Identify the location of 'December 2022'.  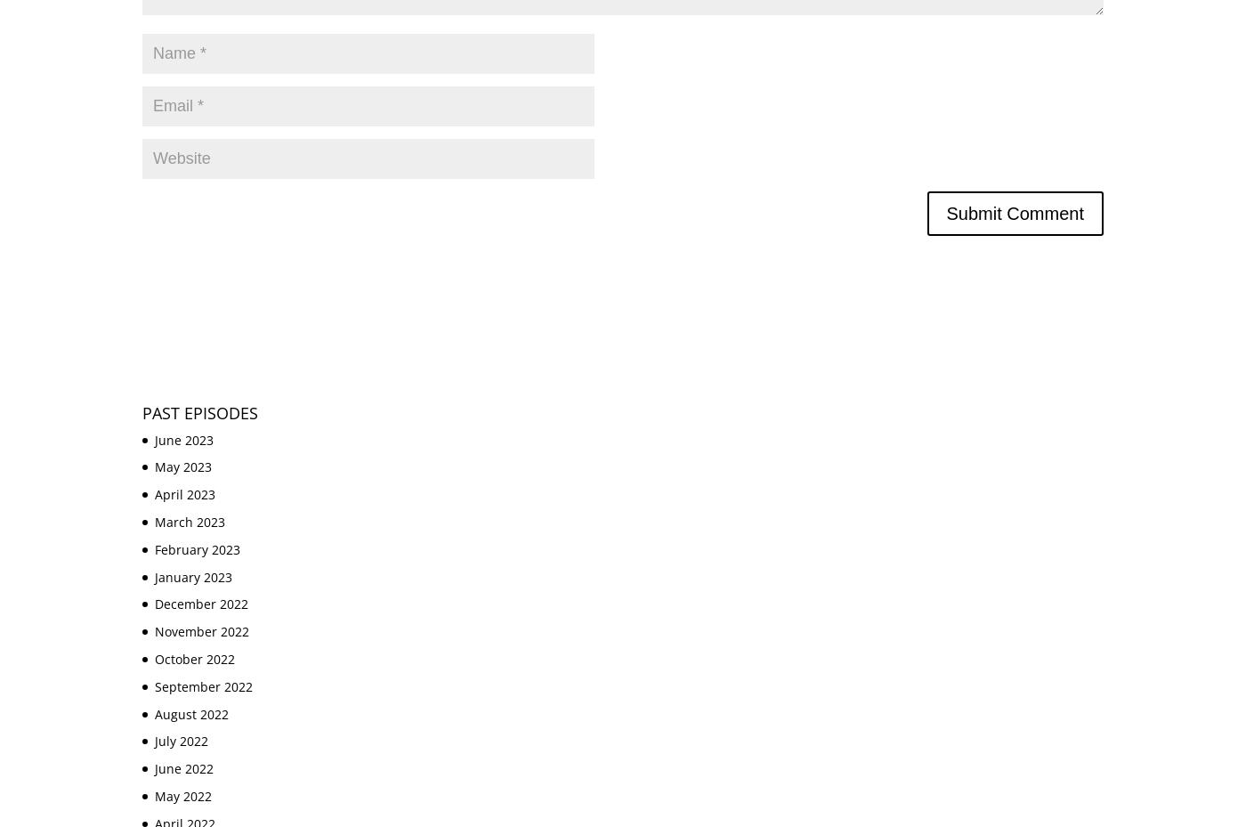
(201, 604).